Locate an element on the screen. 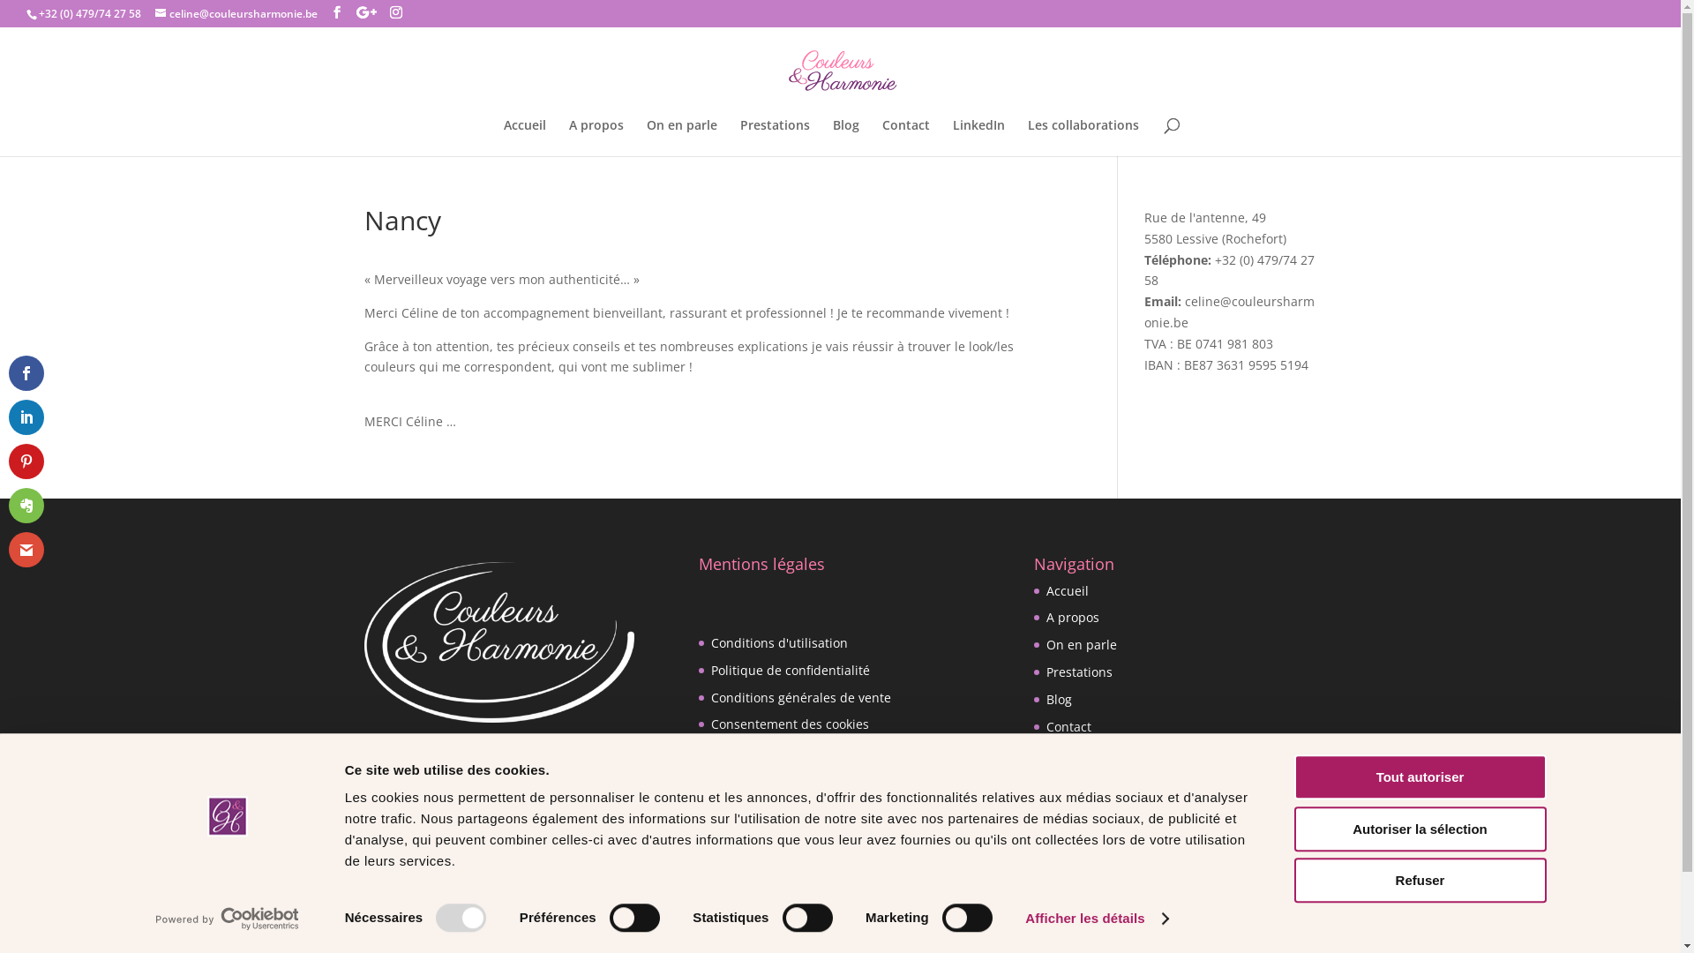 Image resolution: width=1694 pixels, height=953 pixels. 'Blog' is located at coordinates (845, 136).